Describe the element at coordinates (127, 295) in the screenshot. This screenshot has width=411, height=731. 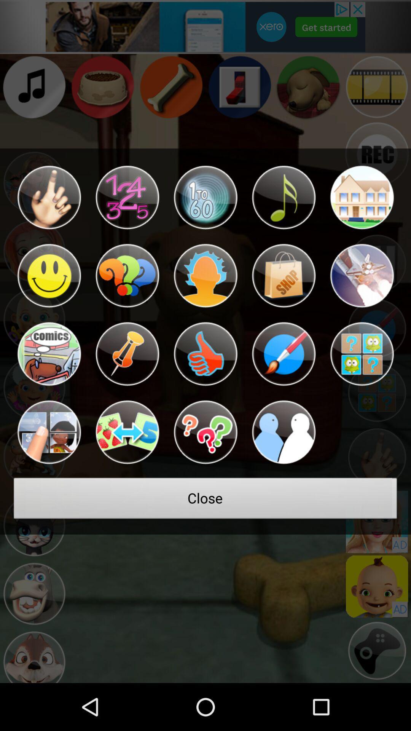
I see `the help icon` at that location.